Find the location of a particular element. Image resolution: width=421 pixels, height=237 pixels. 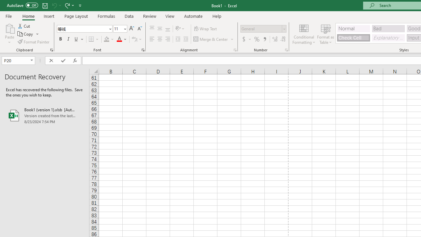

'Paste' is located at coordinates (9, 28).